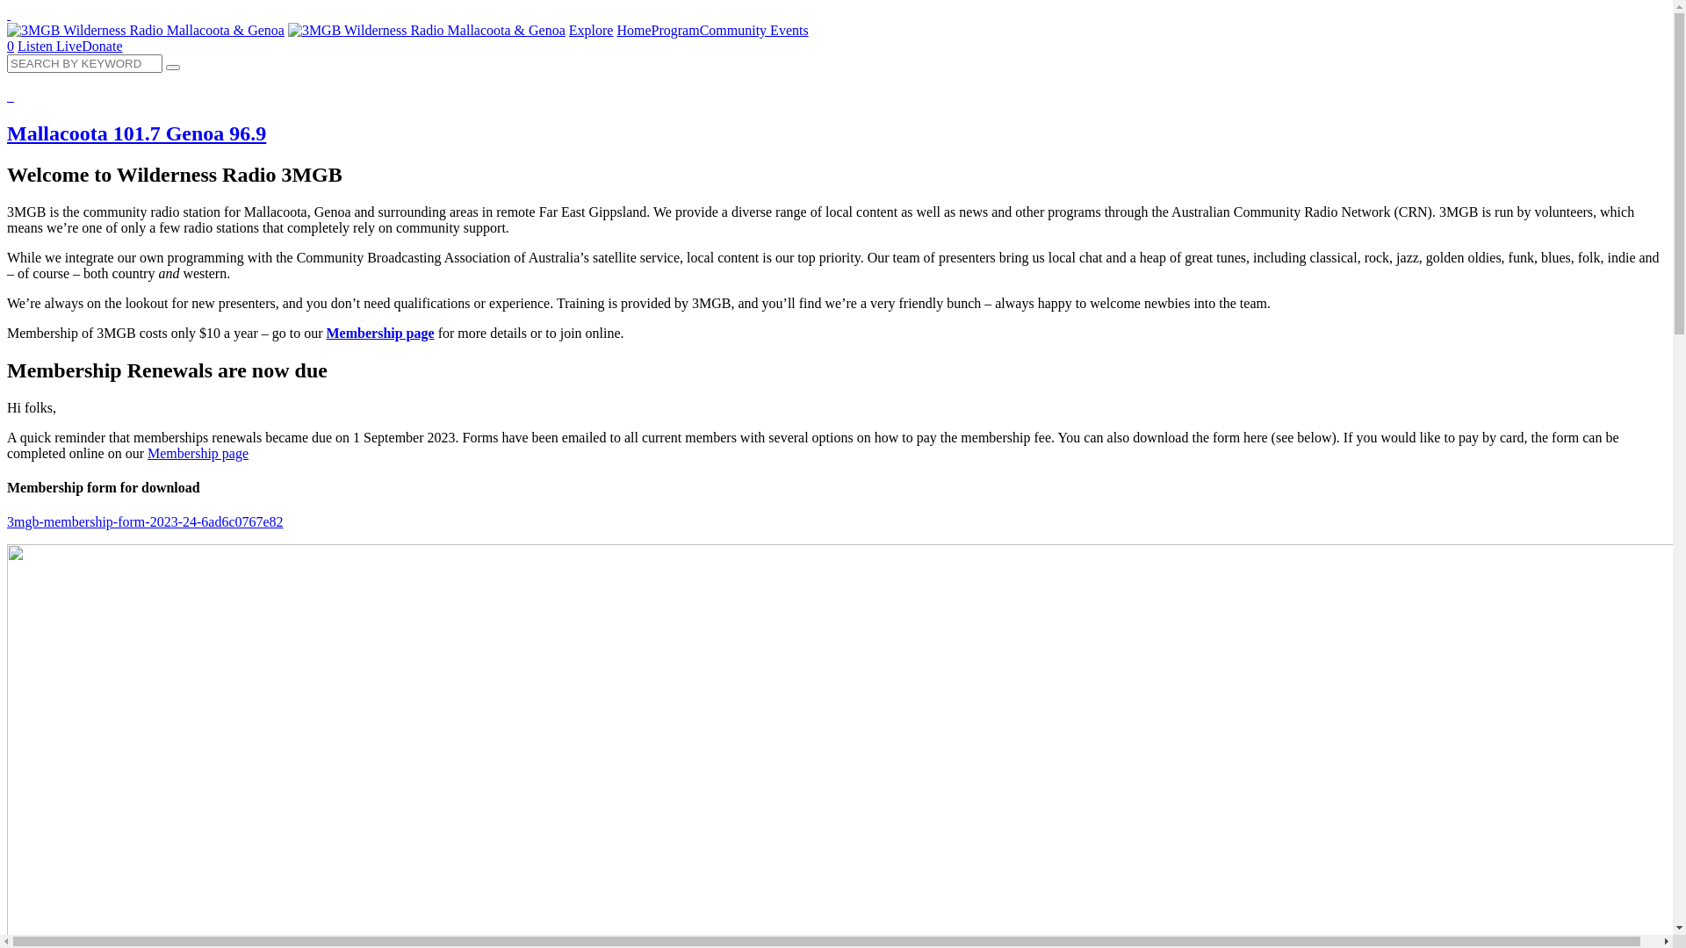 Image resolution: width=1686 pixels, height=948 pixels. What do you see at coordinates (754, 30) in the screenshot?
I see `'Community Events'` at bounding box center [754, 30].